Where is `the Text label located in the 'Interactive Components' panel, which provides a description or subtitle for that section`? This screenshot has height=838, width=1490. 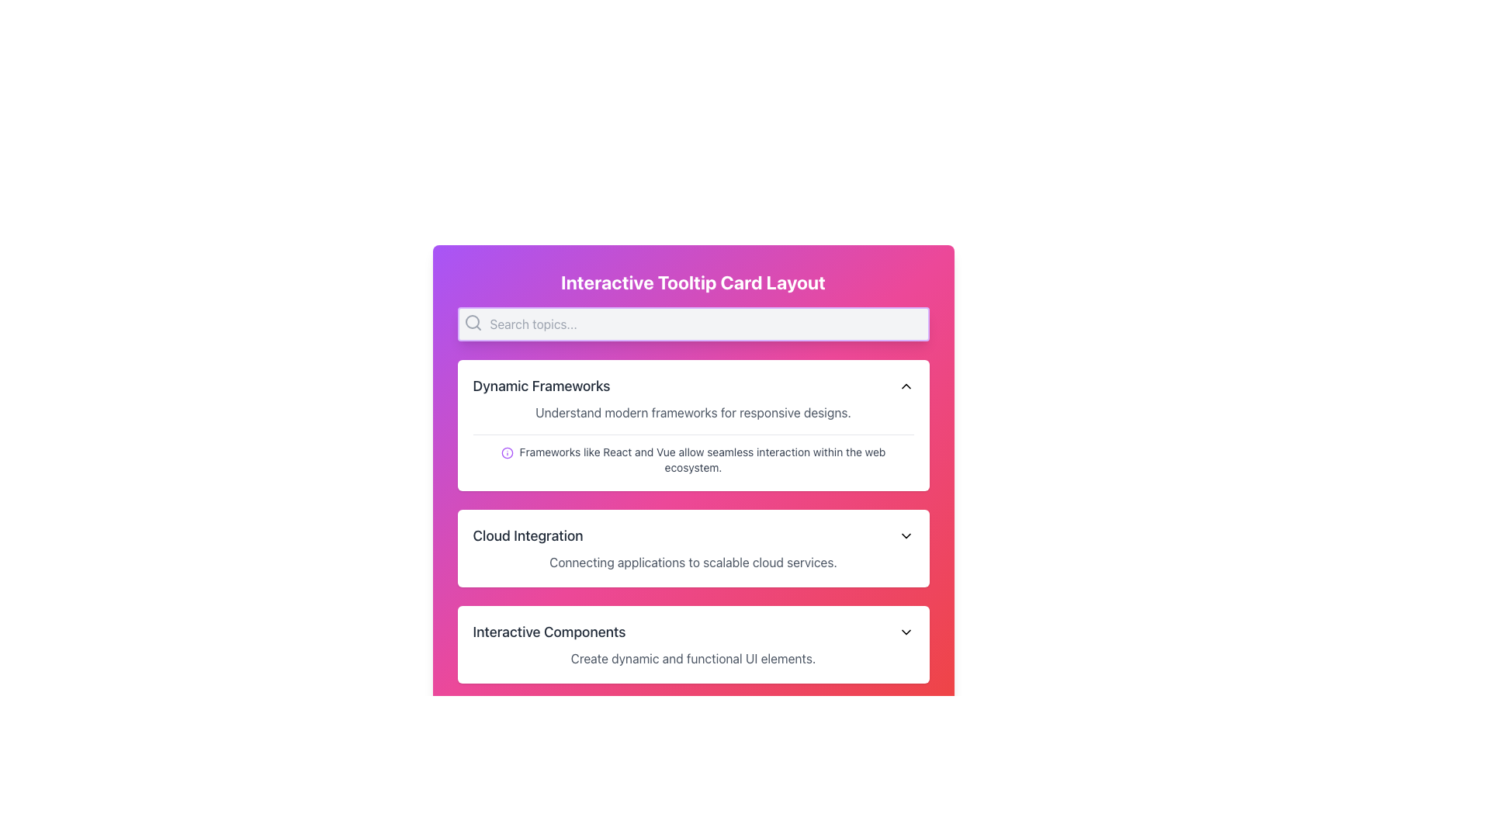
the Text label located in the 'Interactive Components' panel, which provides a description or subtitle for that section is located at coordinates (692, 658).